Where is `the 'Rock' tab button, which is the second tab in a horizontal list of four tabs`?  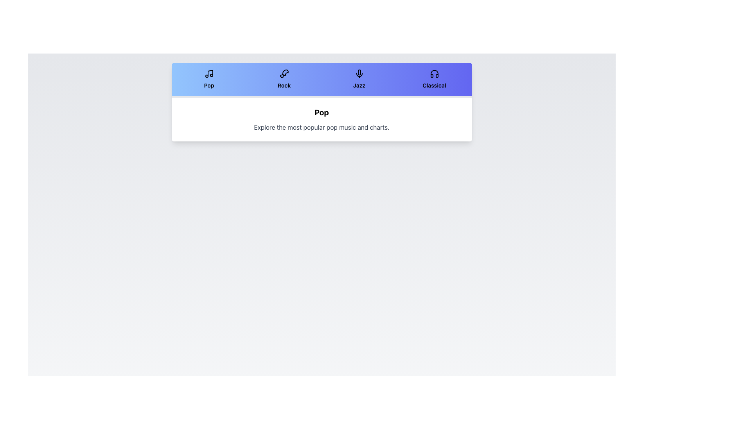 the 'Rock' tab button, which is the second tab in a horizontal list of four tabs is located at coordinates (284, 80).